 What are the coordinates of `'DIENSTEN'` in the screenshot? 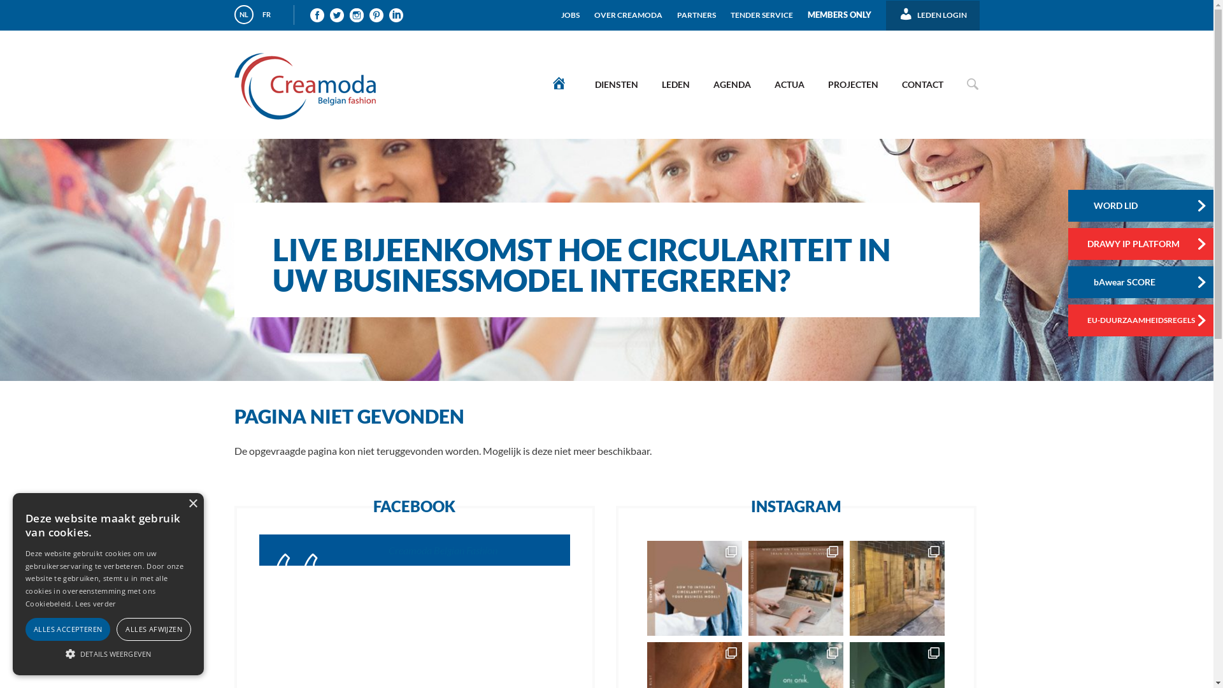 It's located at (615, 84).